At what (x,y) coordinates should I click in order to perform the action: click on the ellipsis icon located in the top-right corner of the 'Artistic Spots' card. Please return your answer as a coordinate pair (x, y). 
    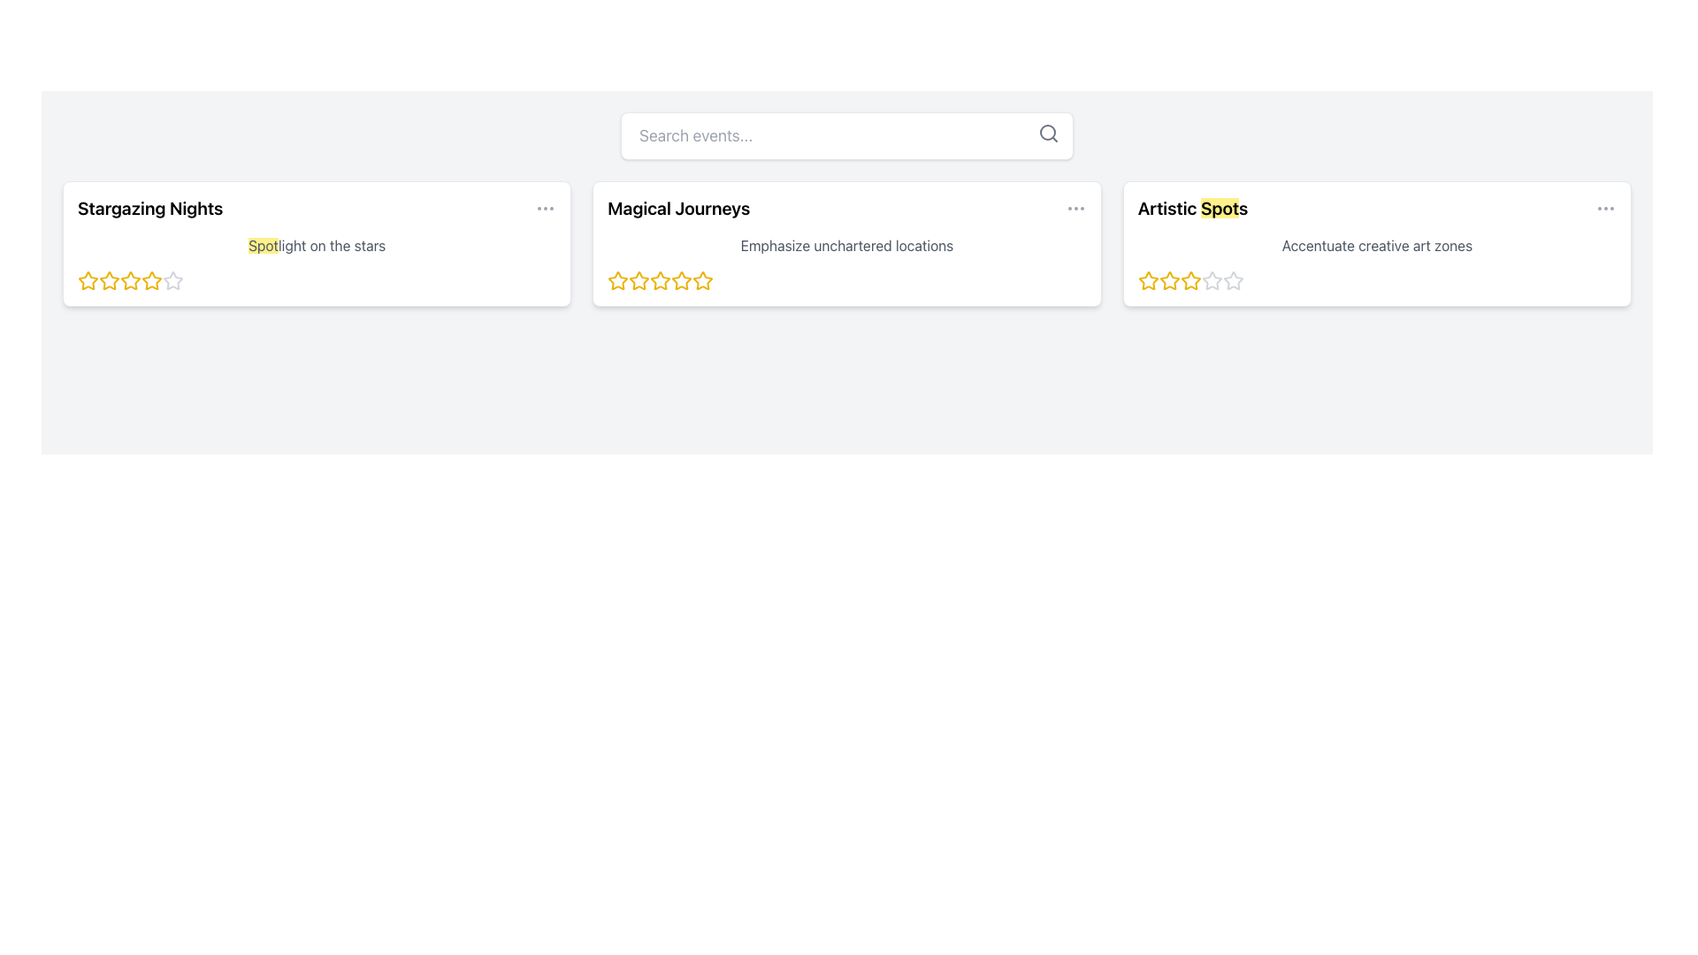
    Looking at the image, I should click on (1605, 207).